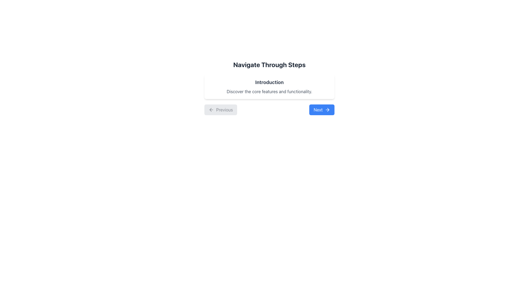 The height and width of the screenshot is (290, 515). Describe the element at coordinates (328, 109) in the screenshot. I see `the right-pointing arrow icon located inside the 'Next' button` at that location.